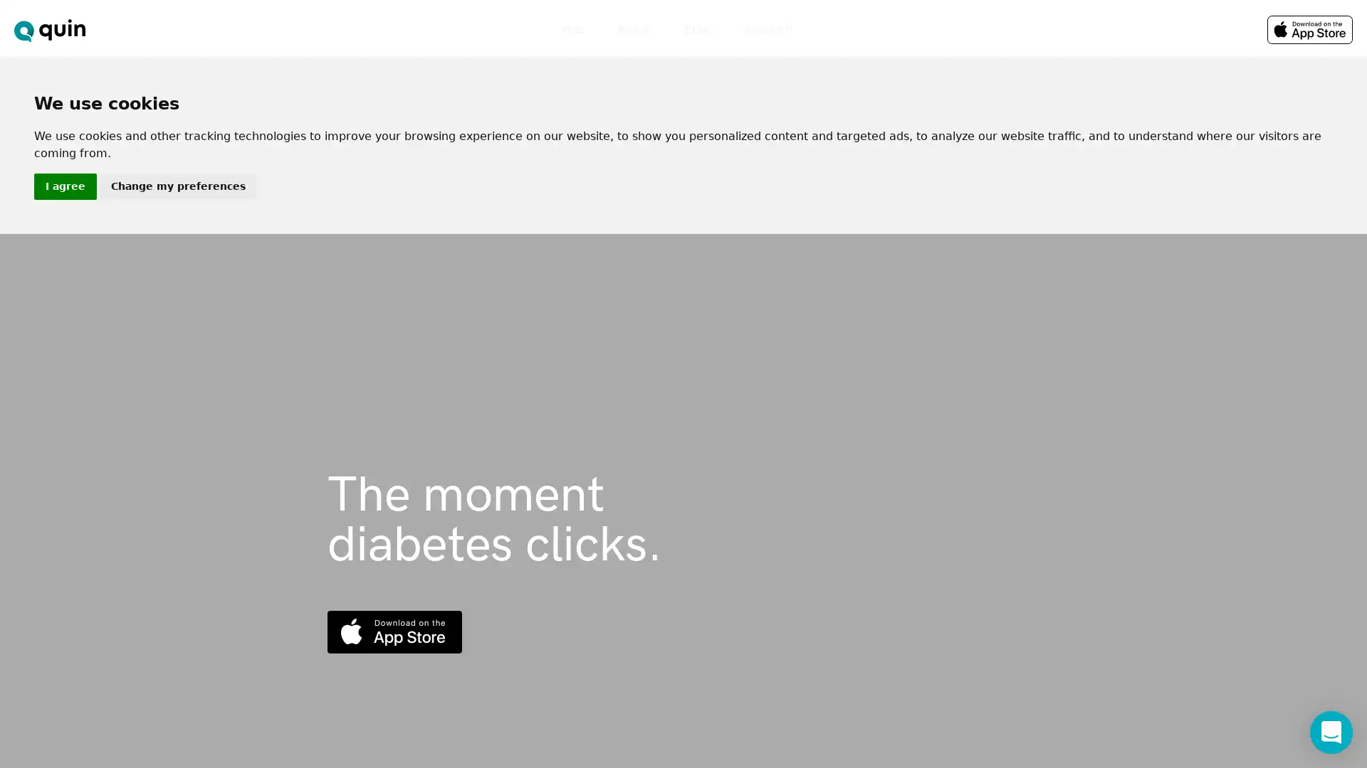 This screenshot has width=1367, height=768. What do you see at coordinates (177, 186) in the screenshot?
I see `Change my preferences` at bounding box center [177, 186].